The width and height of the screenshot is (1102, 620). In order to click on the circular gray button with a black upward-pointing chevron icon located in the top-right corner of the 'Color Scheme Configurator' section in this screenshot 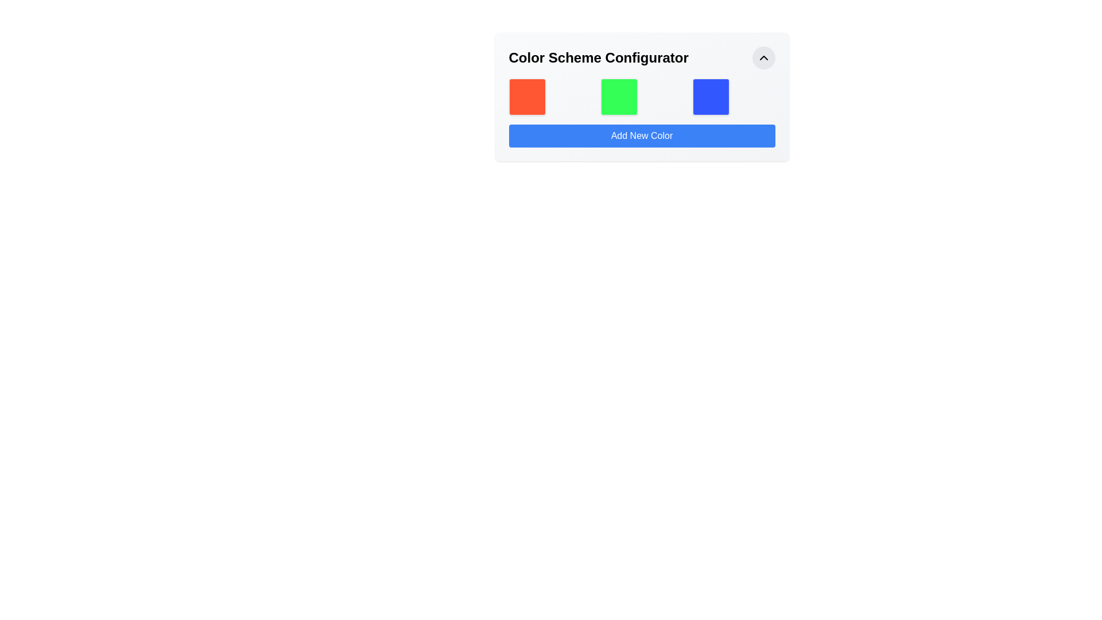, I will do `click(763, 57)`.